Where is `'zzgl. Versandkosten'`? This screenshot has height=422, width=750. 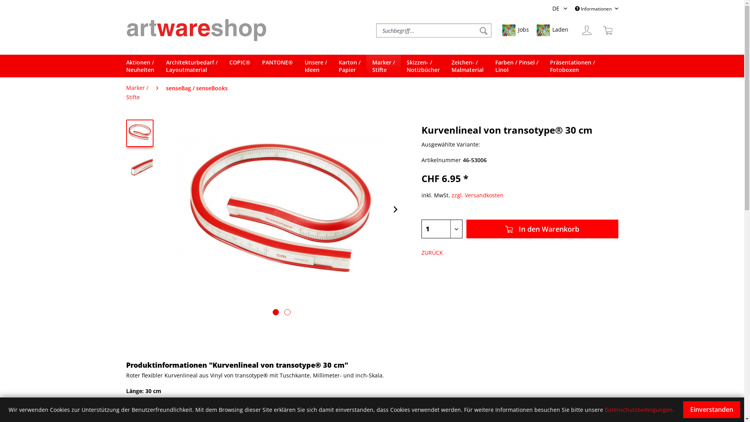
'zzgl. Versandkosten' is located at coordinates (477, 195).